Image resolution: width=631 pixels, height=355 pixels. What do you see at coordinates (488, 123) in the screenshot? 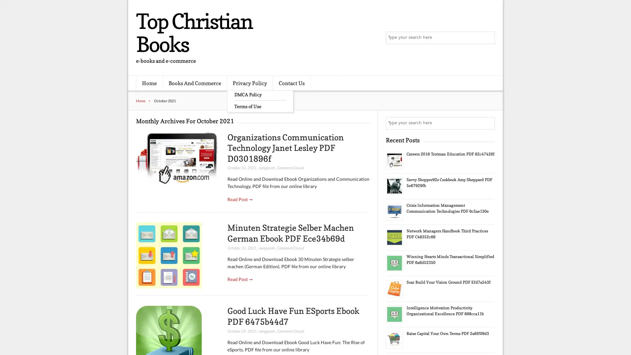
I see `Search` at bounding box center [488, 123].